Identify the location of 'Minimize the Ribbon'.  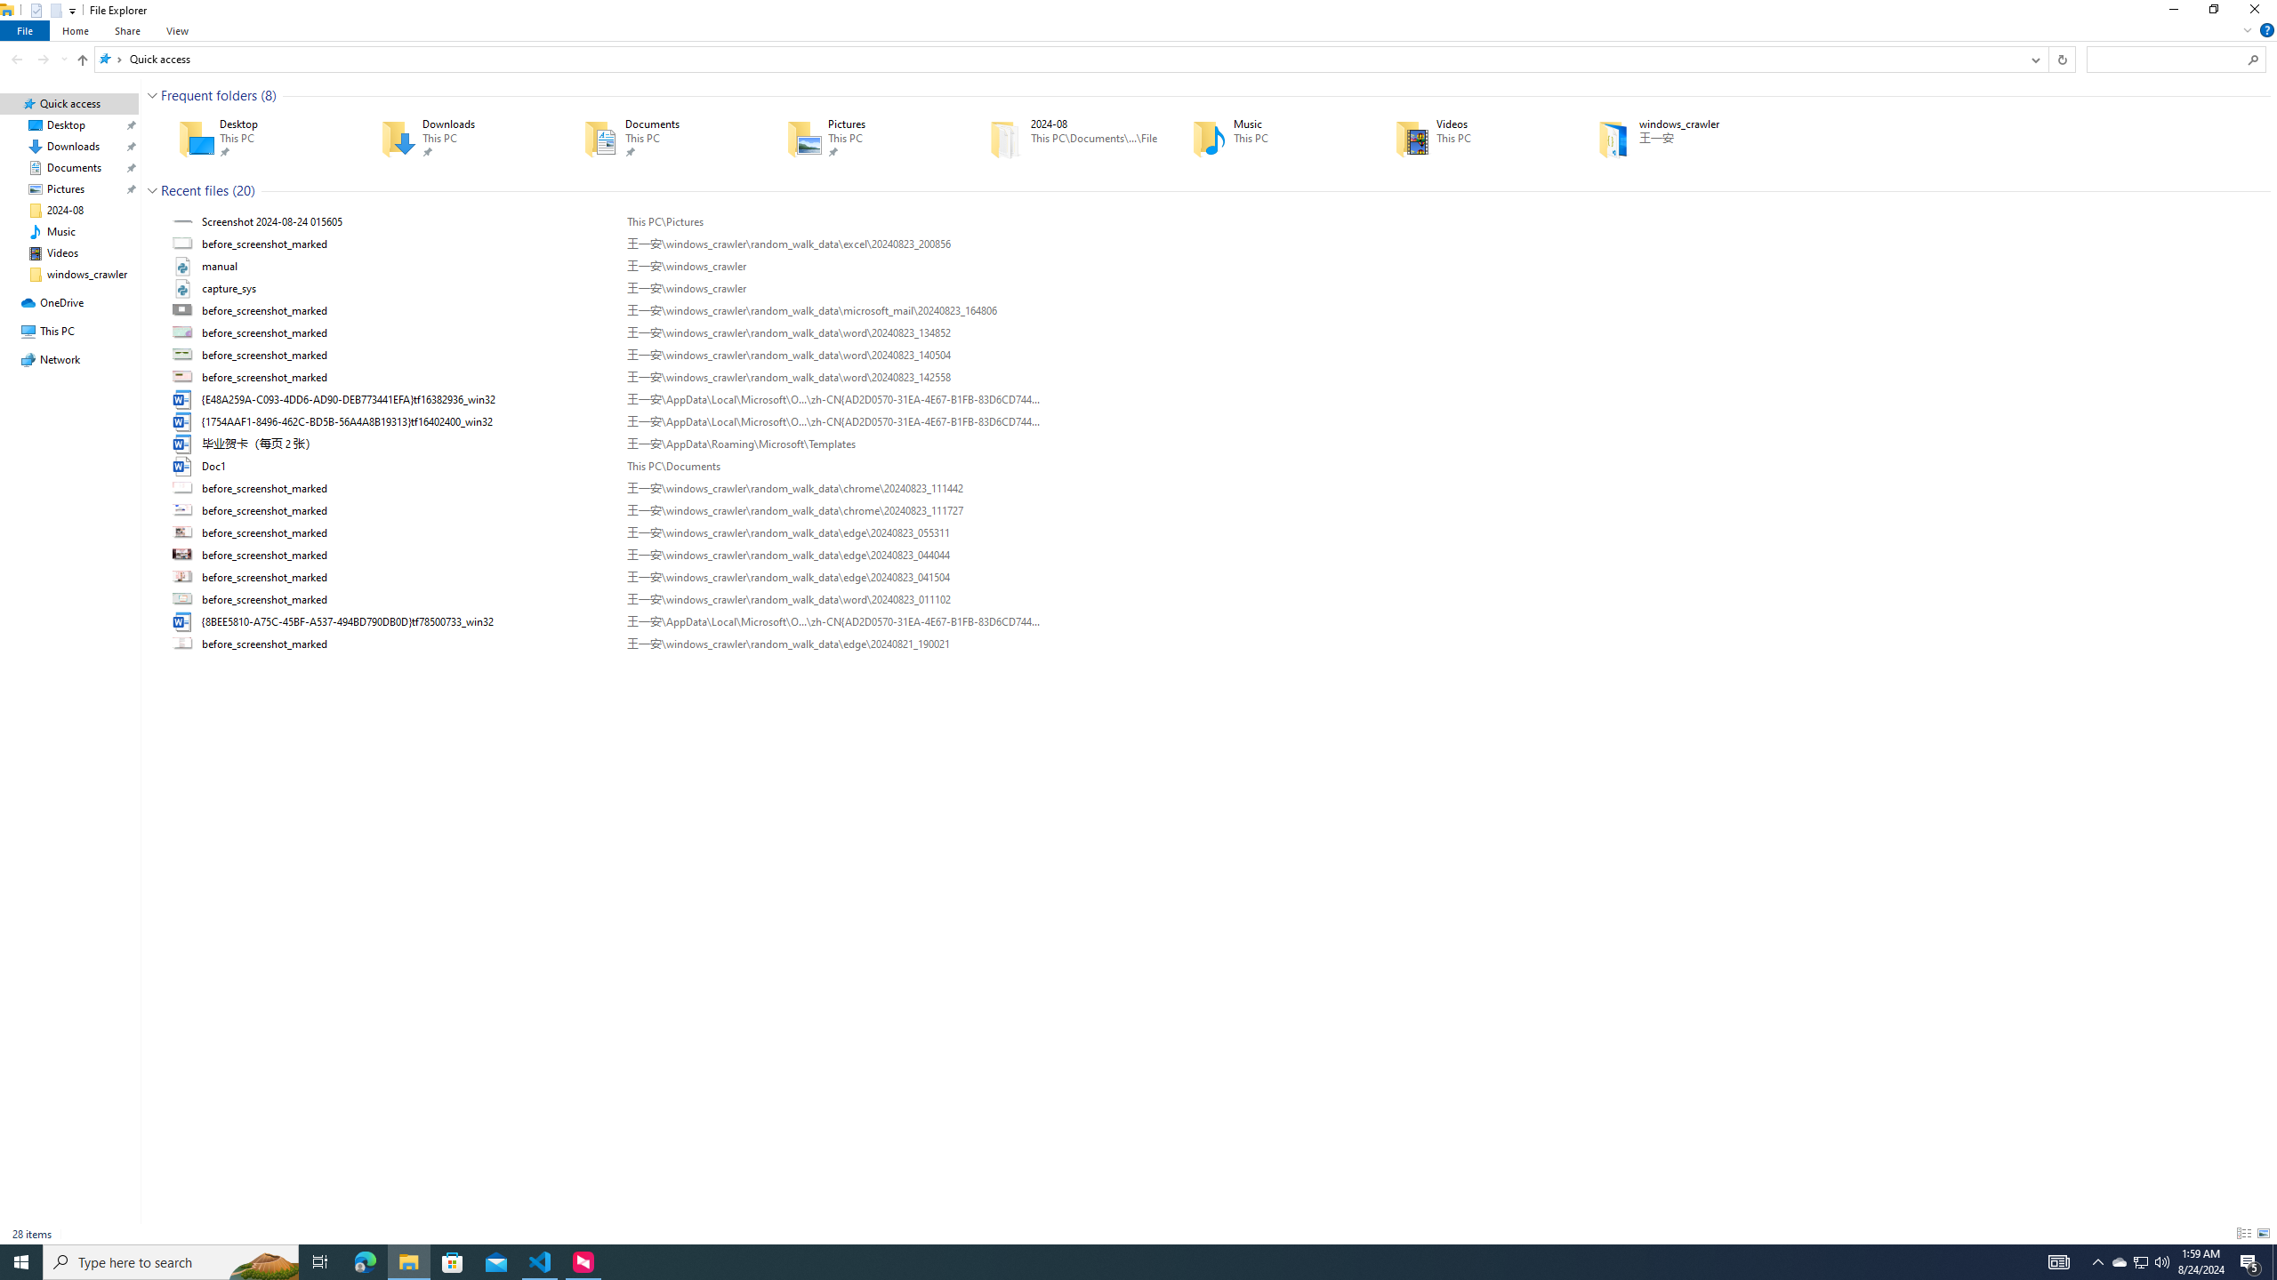
(2247, 28).